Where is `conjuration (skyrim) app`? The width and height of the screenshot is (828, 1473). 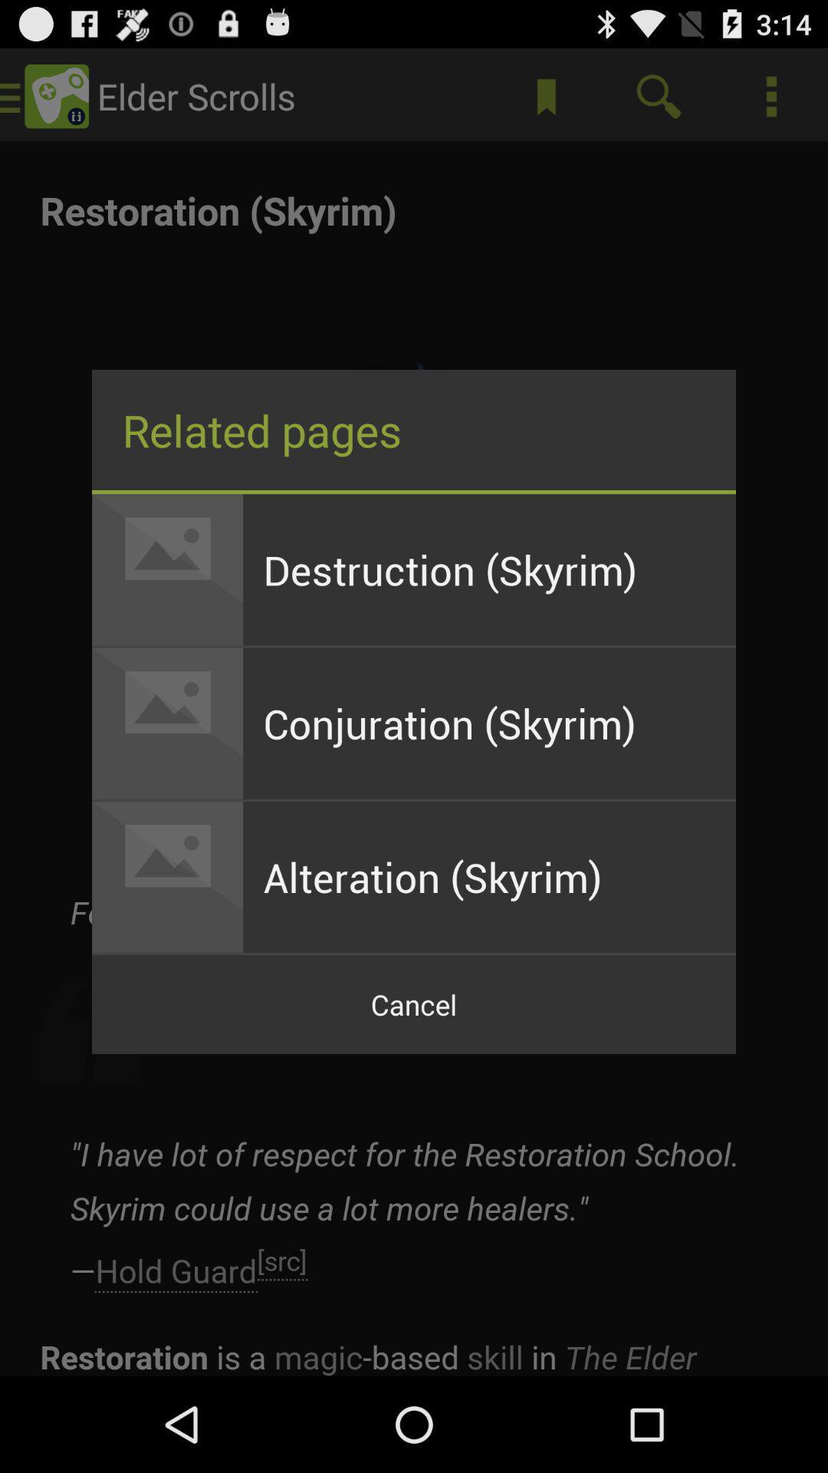
conjuration (skyrim) app is located at coordinates (489, 723).